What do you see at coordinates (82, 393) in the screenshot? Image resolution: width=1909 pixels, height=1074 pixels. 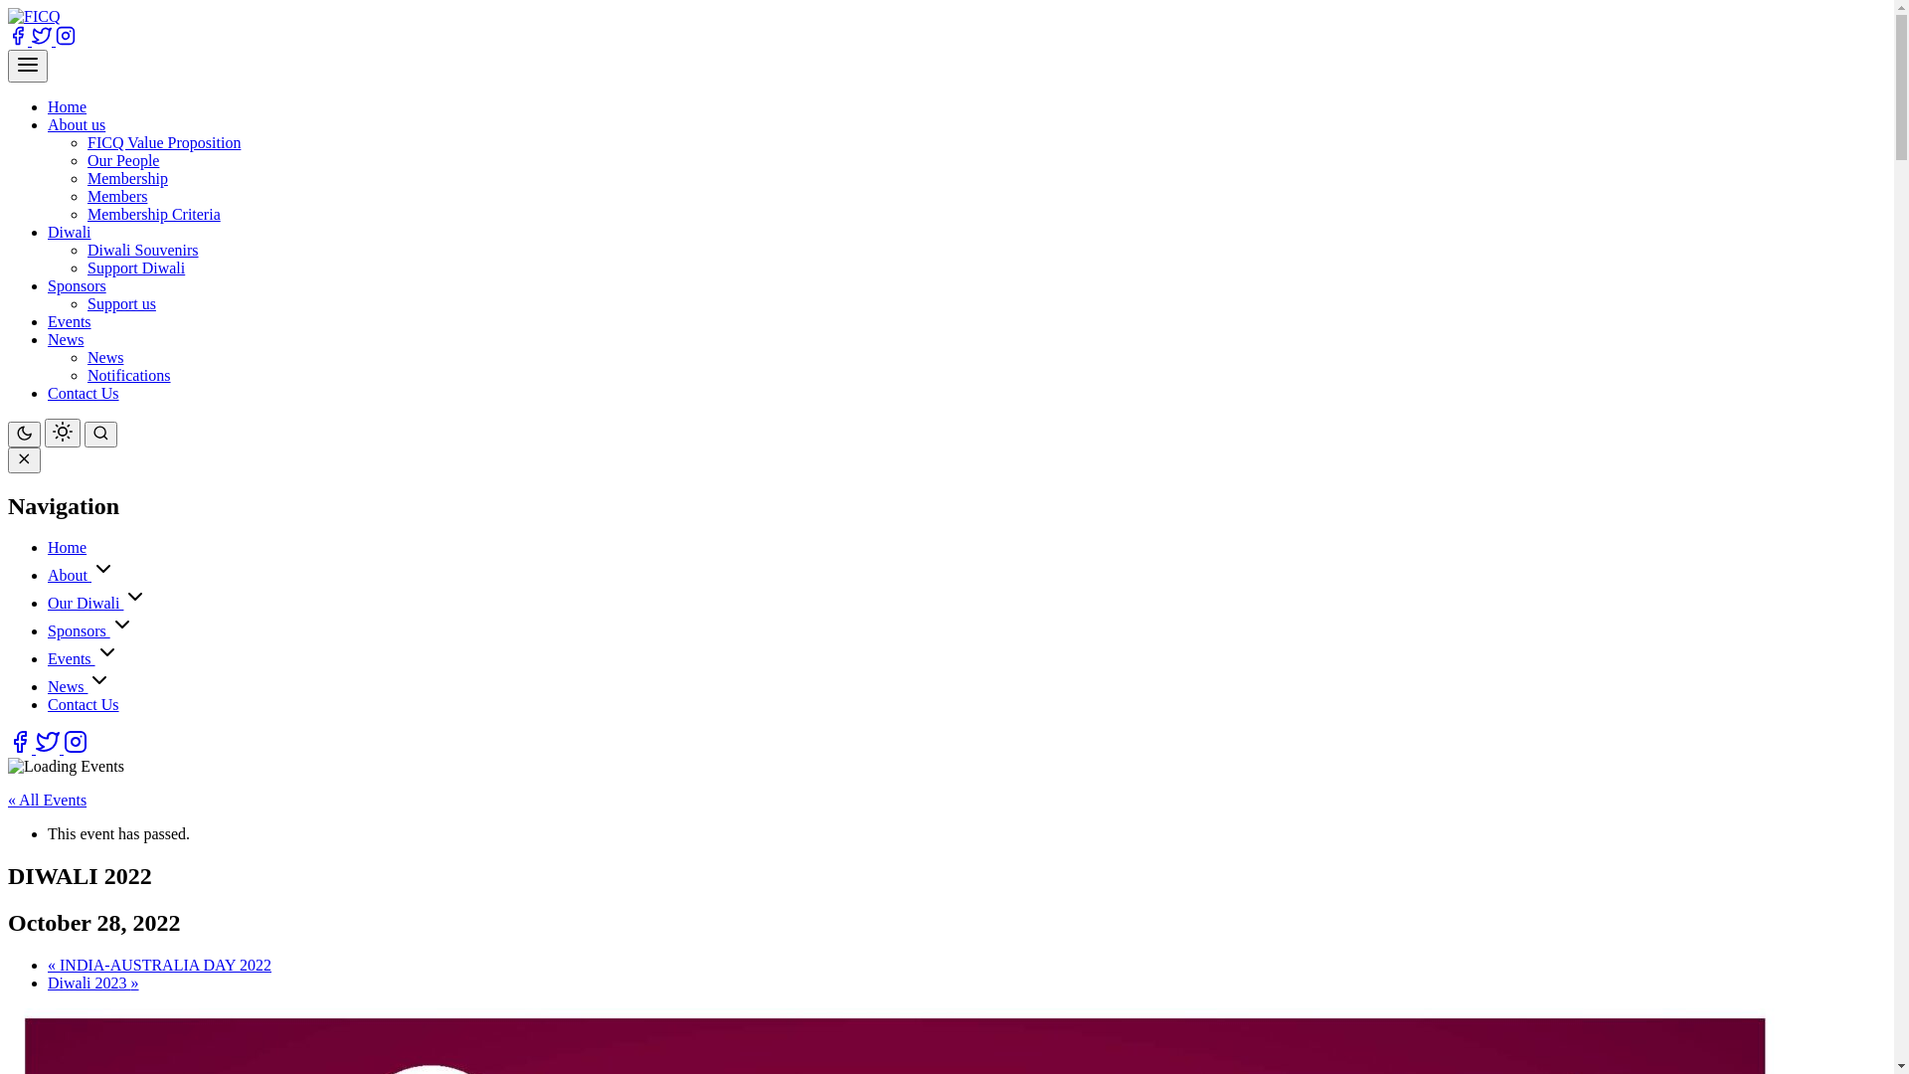 I see `'Contact Us'` at bounding box center [82, 393].